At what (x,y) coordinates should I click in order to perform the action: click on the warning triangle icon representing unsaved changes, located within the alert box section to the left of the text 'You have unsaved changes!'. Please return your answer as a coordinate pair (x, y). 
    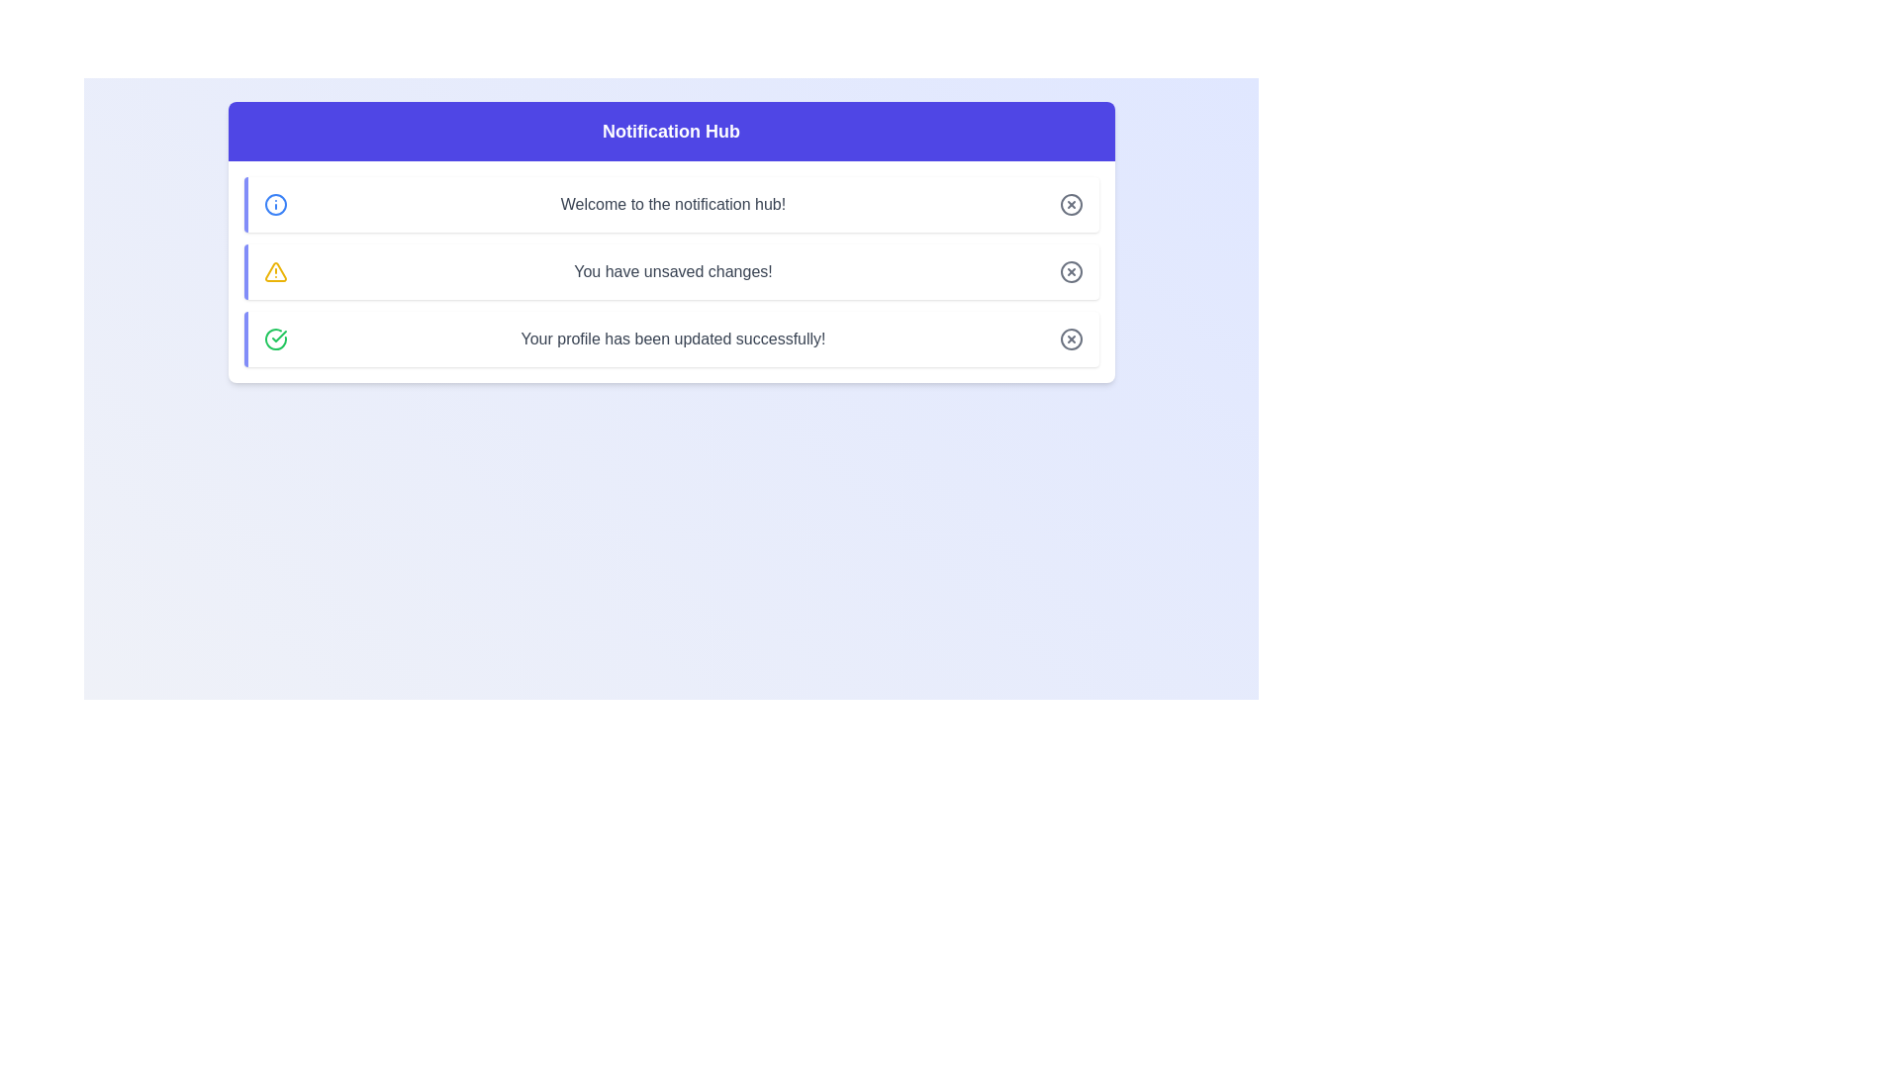
    Looking at the image, I should click on (274, 271).